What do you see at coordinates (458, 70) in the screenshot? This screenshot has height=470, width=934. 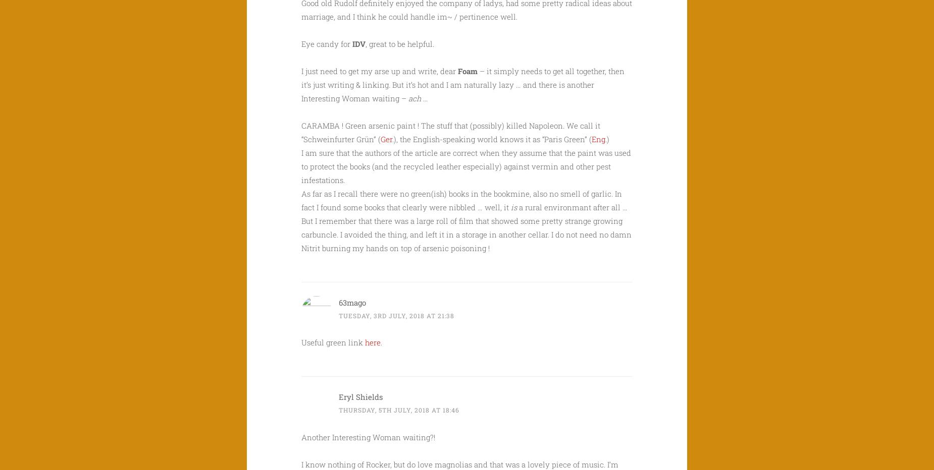 I see `'Foam'` at bounding box center [458, 70].